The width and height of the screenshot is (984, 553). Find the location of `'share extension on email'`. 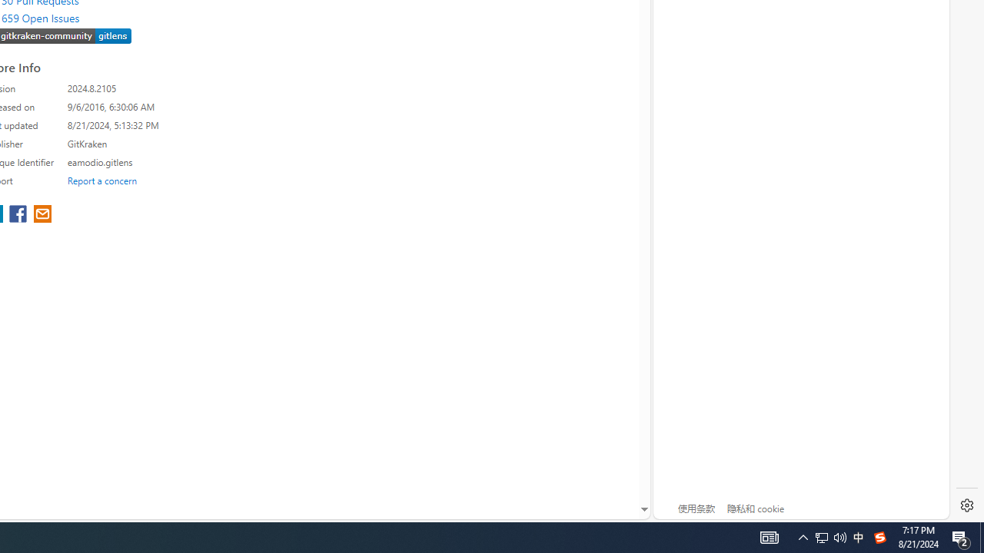

'share extension on email' is located at coordinates (42, 215).